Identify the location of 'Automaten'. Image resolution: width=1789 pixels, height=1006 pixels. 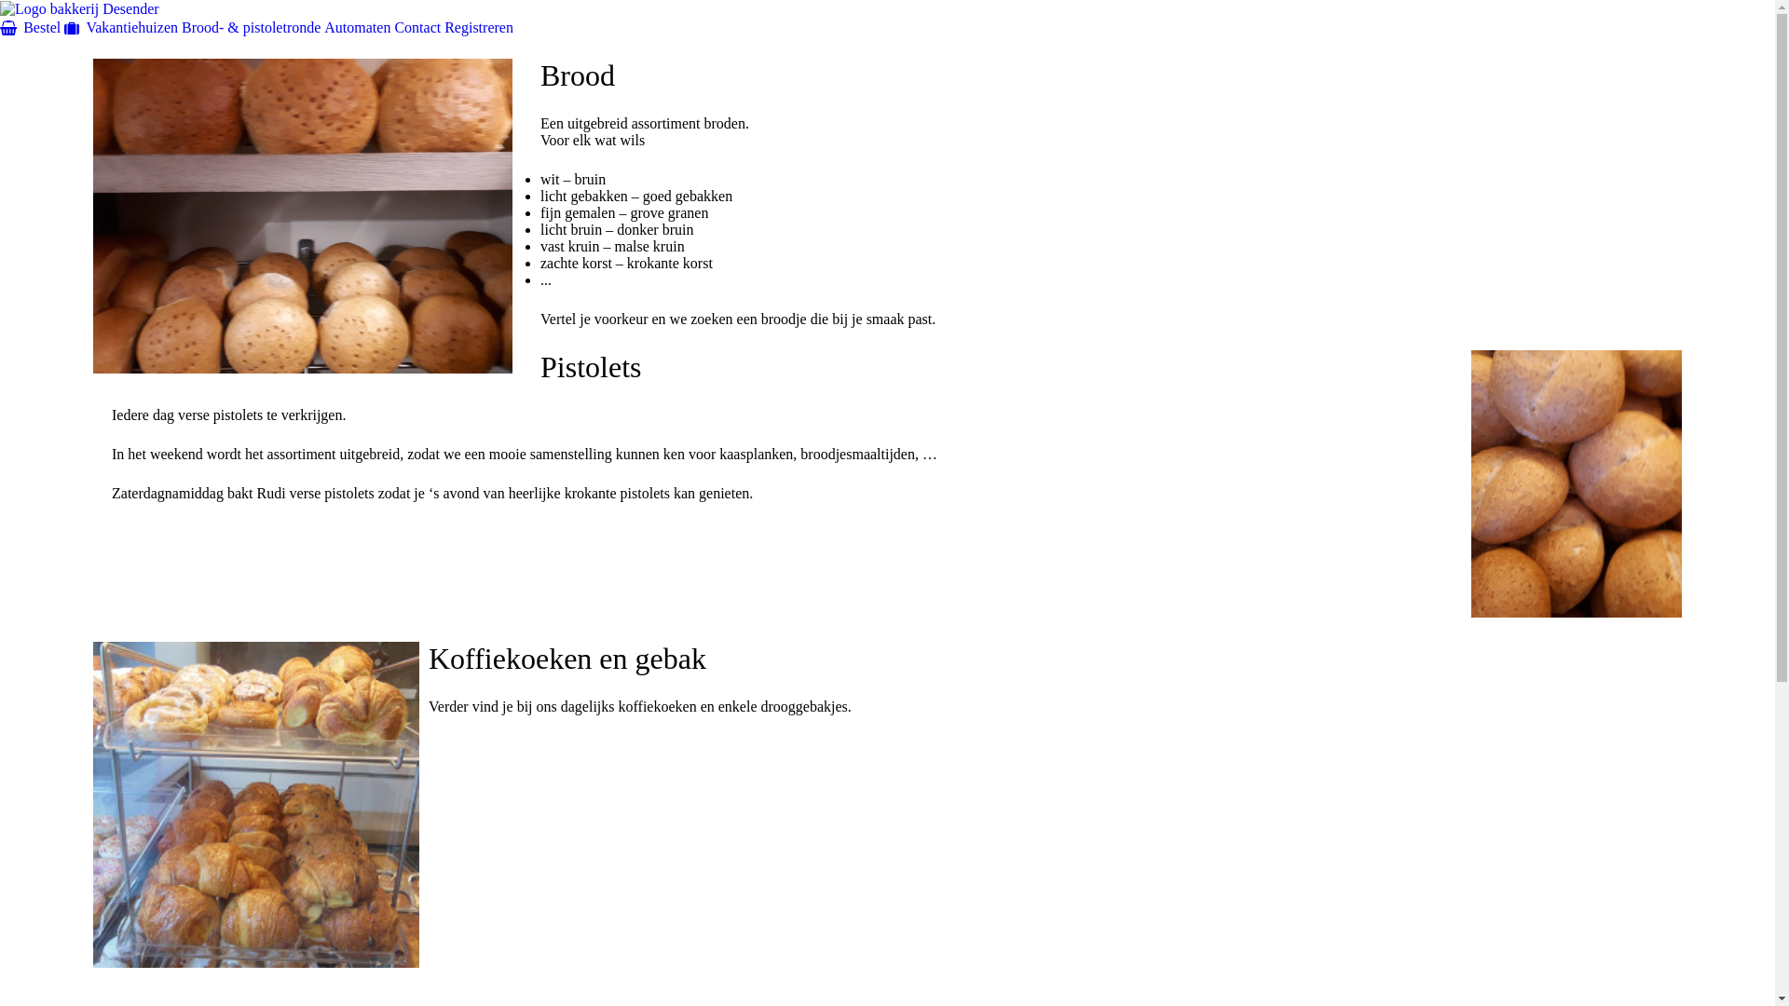
(357, 26).